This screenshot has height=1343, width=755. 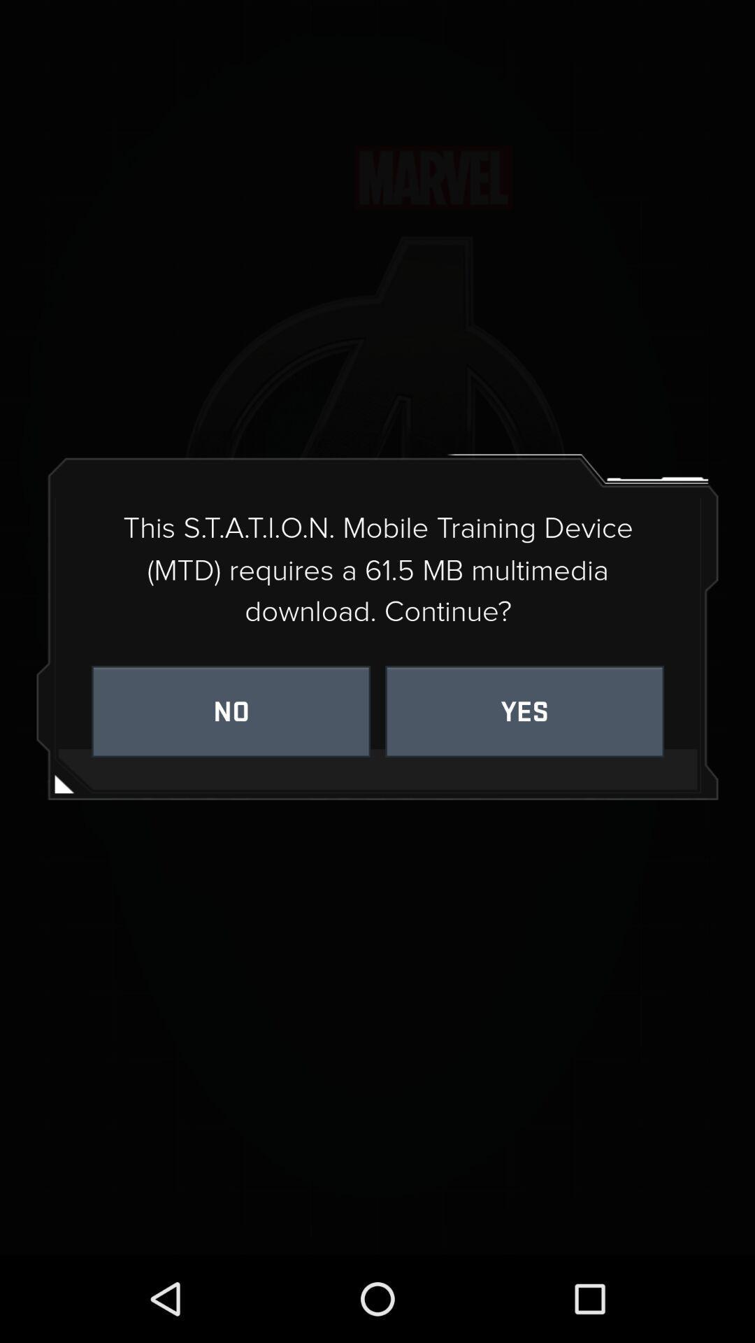 What do you see at coordinates (524, 711) in the screenshot?
I see `item below this s t icon` at bounding box center [524, 711].